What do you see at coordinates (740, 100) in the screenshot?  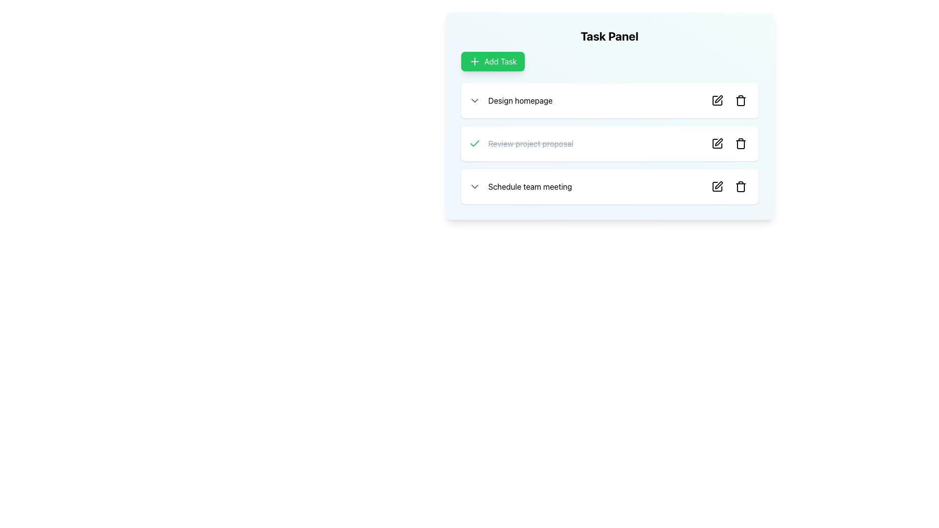 I see `the trash can icon located in the first task list item` at bounding box center [740, 100].